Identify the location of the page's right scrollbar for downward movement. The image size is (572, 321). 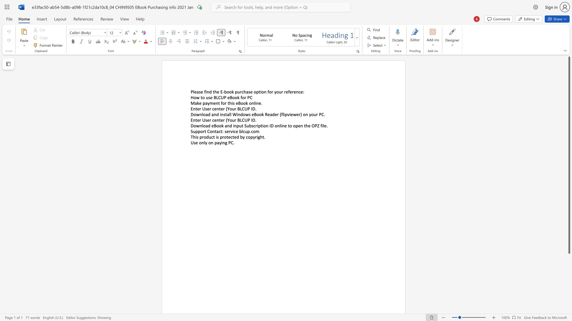
(569, 273).